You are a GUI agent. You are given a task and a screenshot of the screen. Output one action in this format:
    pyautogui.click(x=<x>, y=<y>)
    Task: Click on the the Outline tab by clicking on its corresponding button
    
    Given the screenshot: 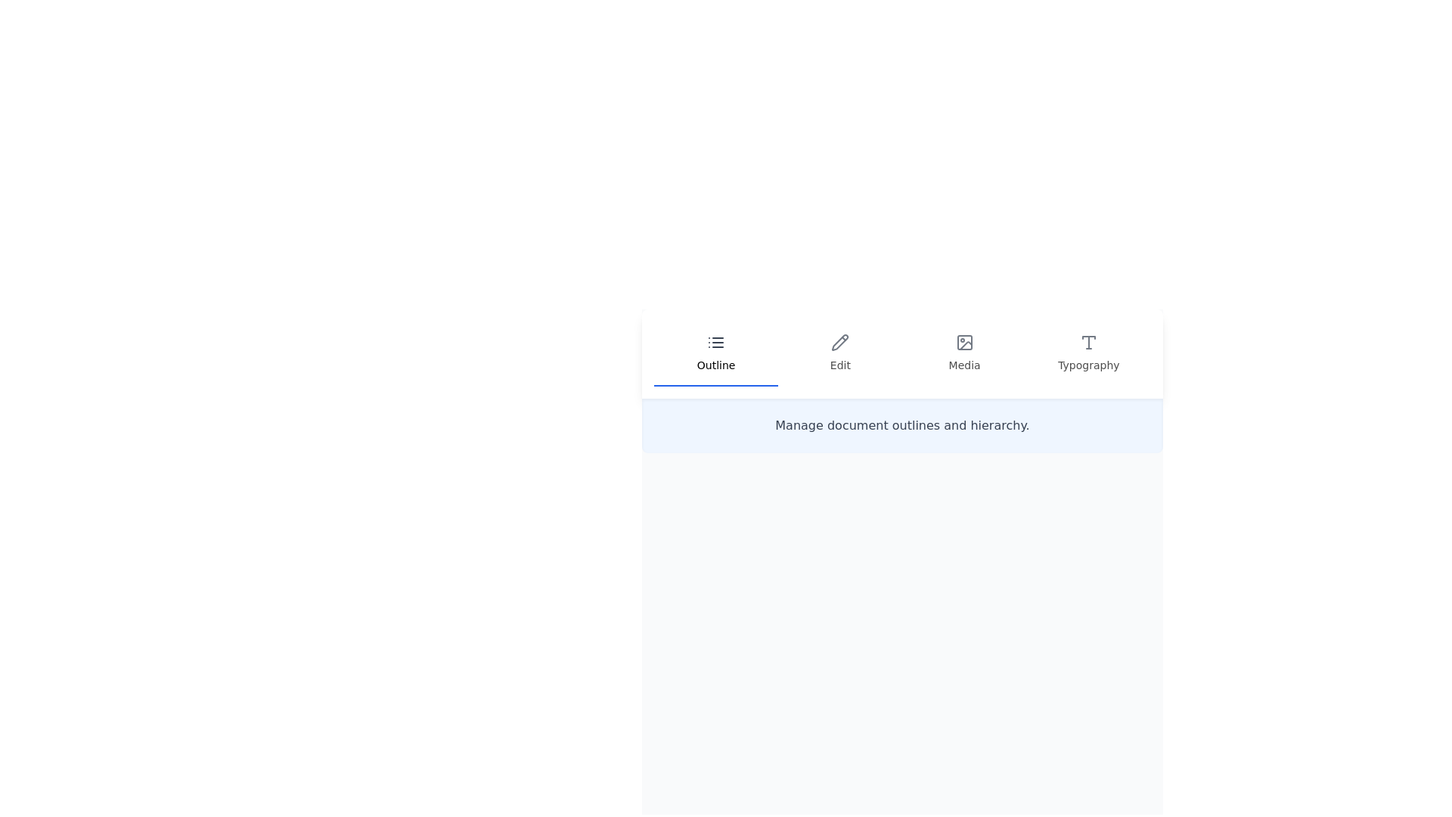 What is the action you would take?
    pyautogui.click(x=715, y=353)
    